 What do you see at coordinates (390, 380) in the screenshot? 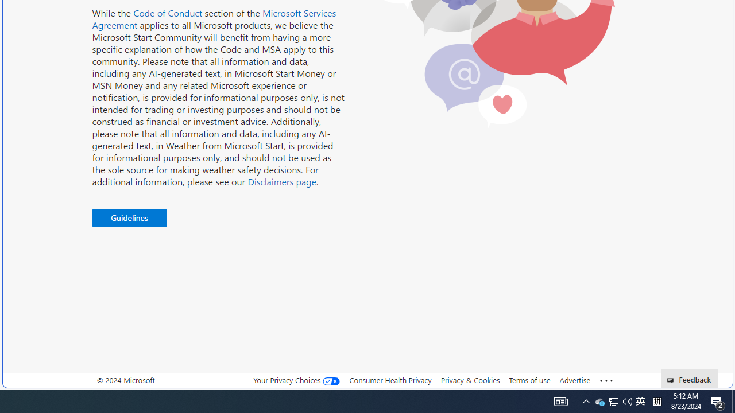
I see `'Consumer Health Privacy'` at bounding box center [390, 380].